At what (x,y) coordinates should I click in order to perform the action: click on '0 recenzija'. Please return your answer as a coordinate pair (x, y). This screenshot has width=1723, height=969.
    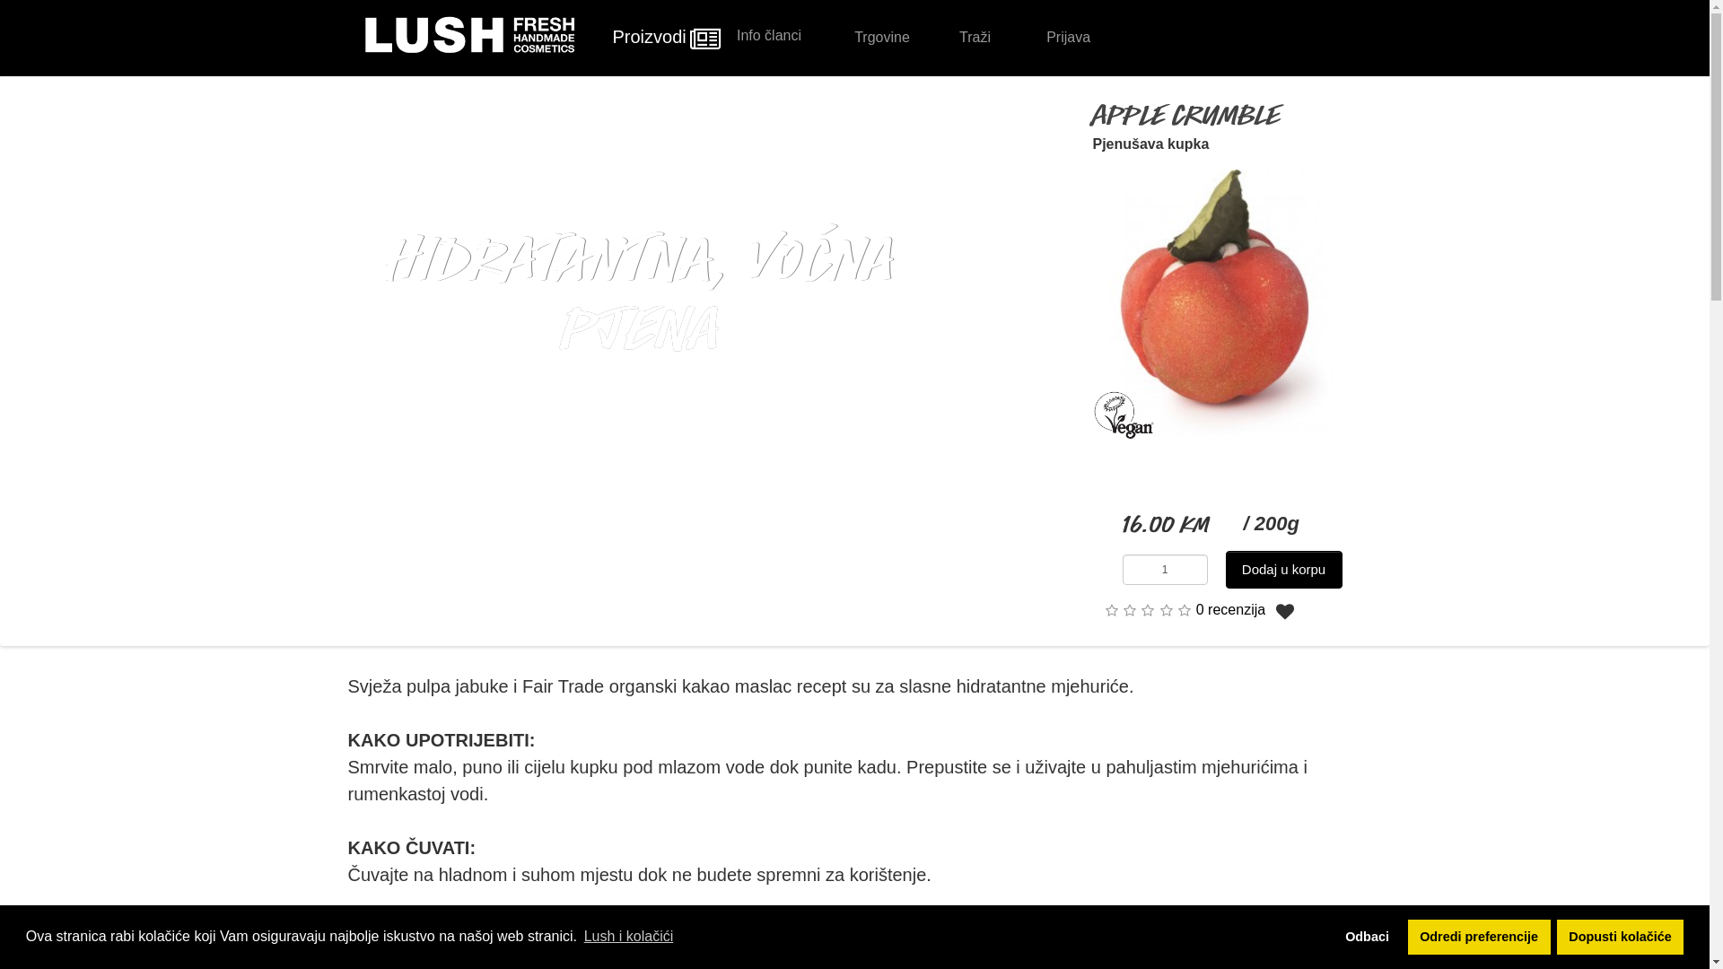
    Looking at the image, I should click on (1229, 608).